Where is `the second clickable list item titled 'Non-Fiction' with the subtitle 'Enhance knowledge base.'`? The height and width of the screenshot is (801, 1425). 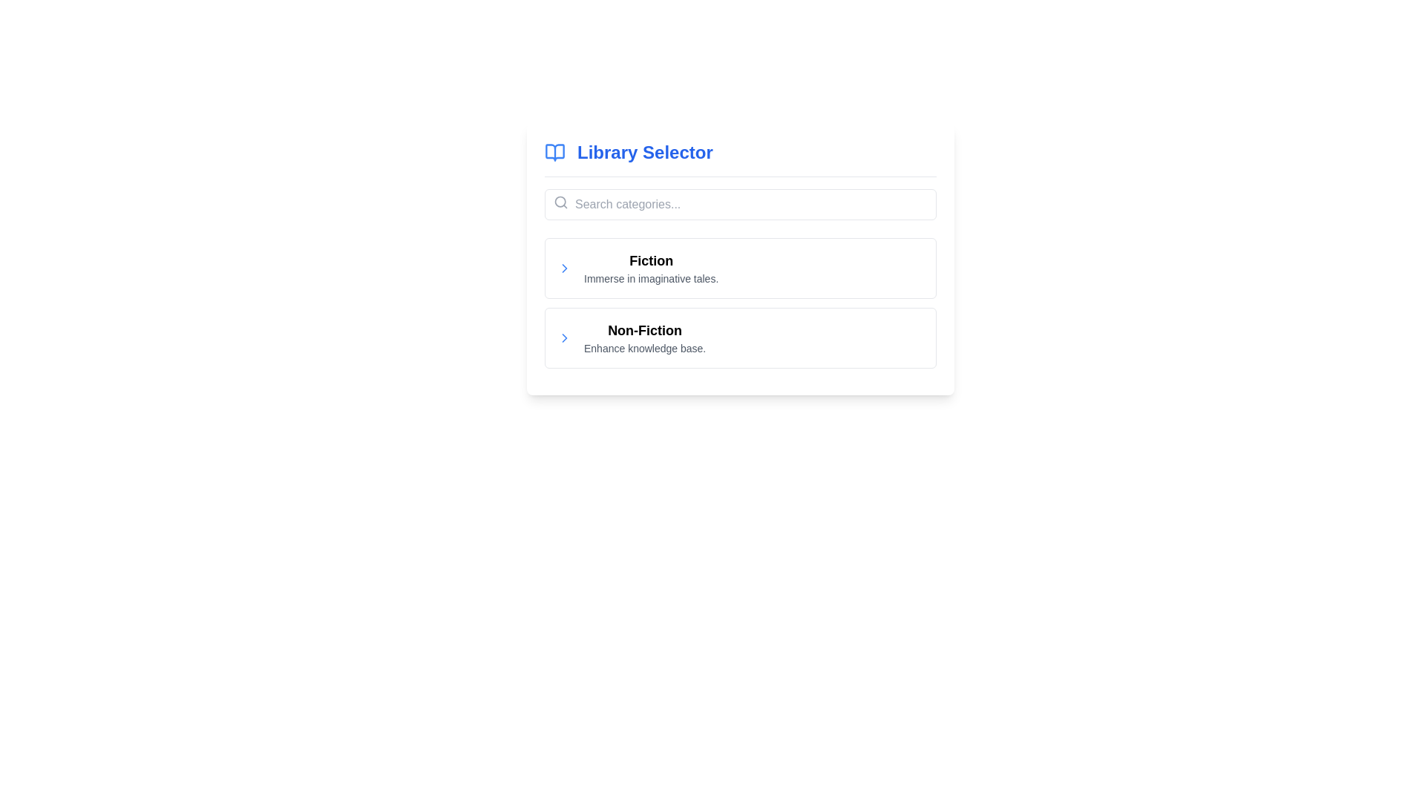 the second clickable list item titled 'Non-Fiction' with the subtitle 'Enhance knowledge base.' is located at coordinates (741, 337).